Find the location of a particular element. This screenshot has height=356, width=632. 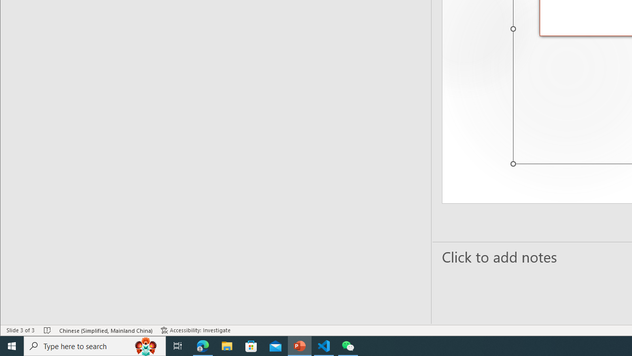

'Type here to search' is located at coordinates (95, 345).